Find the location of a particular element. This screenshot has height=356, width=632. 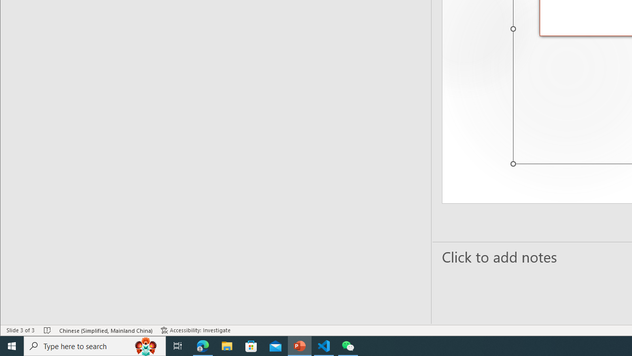

'Type here to search' is located at coordinates (95, 345).